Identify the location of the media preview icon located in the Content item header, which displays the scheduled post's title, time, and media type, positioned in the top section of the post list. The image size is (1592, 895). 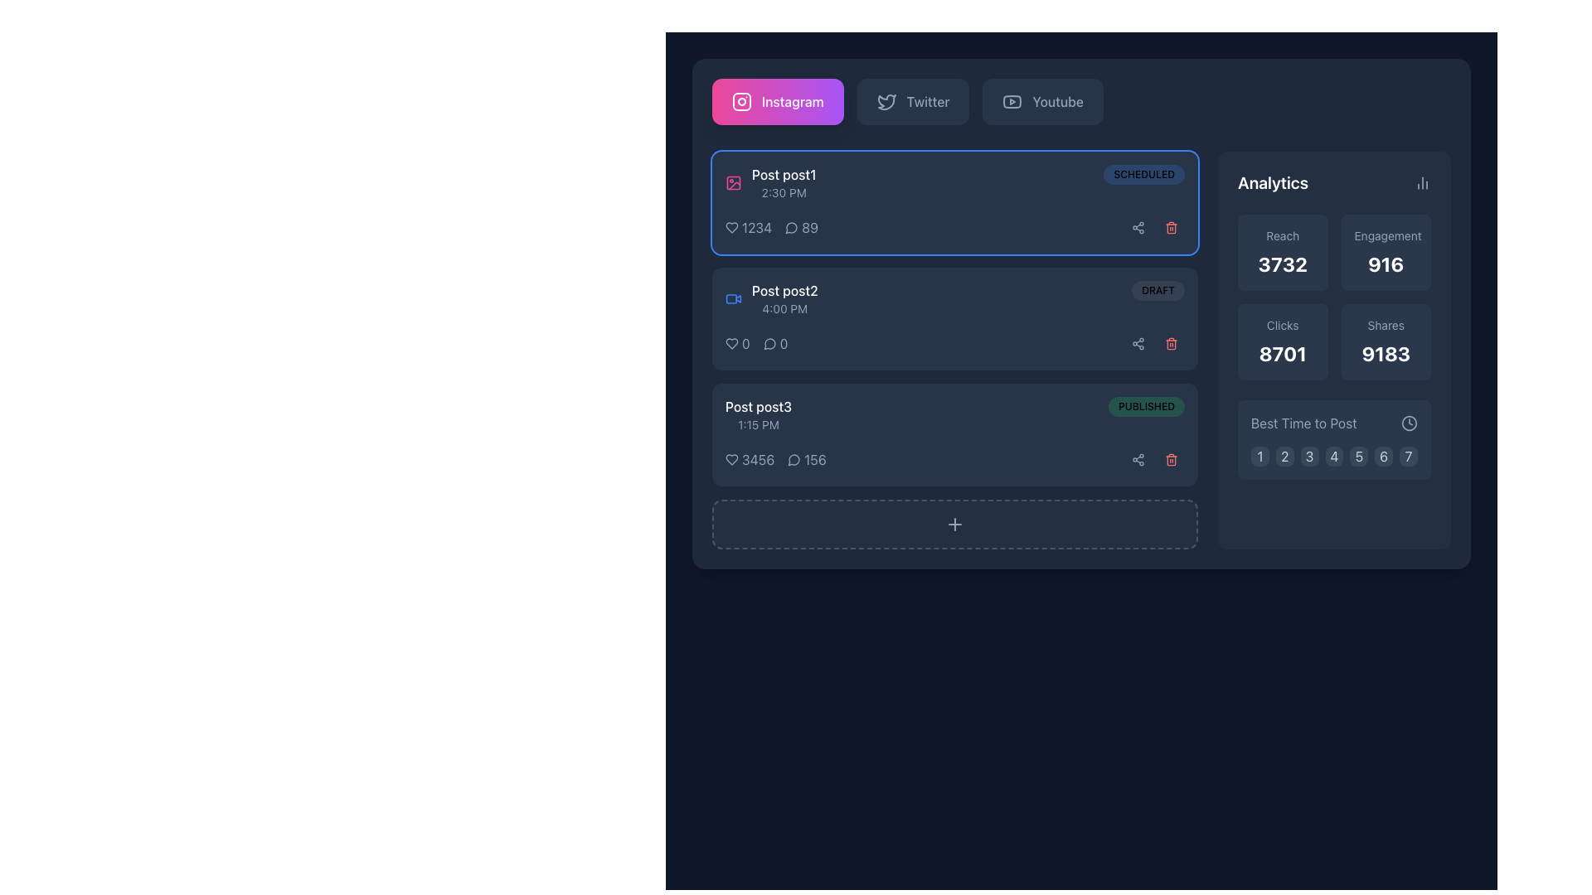
(769, 182).